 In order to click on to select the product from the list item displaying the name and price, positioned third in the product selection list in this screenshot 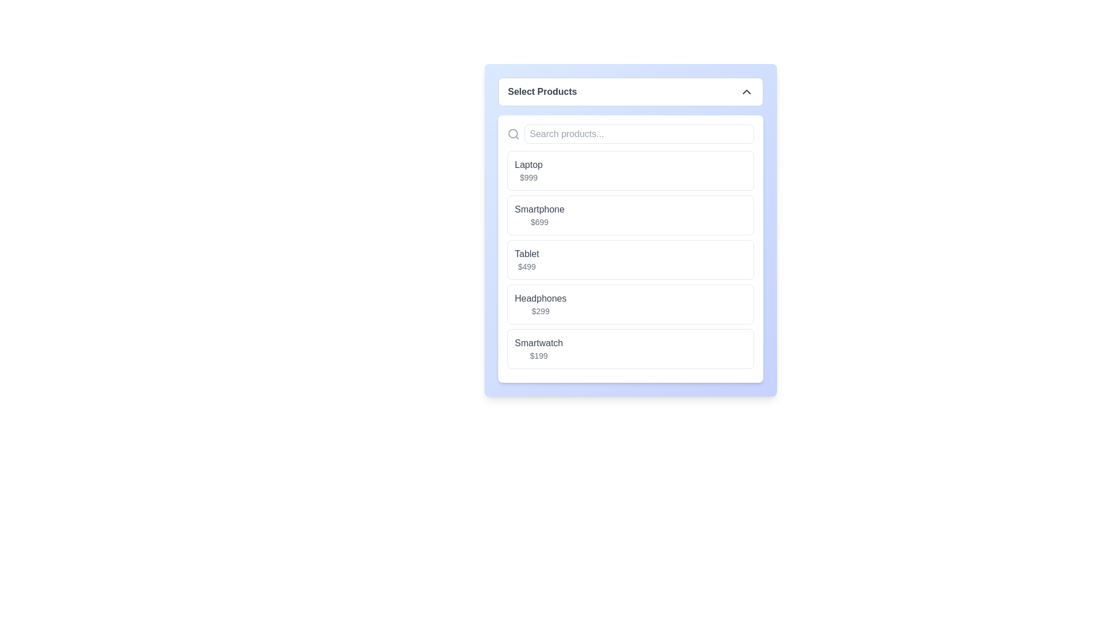, I will do `click(526, 260)`.